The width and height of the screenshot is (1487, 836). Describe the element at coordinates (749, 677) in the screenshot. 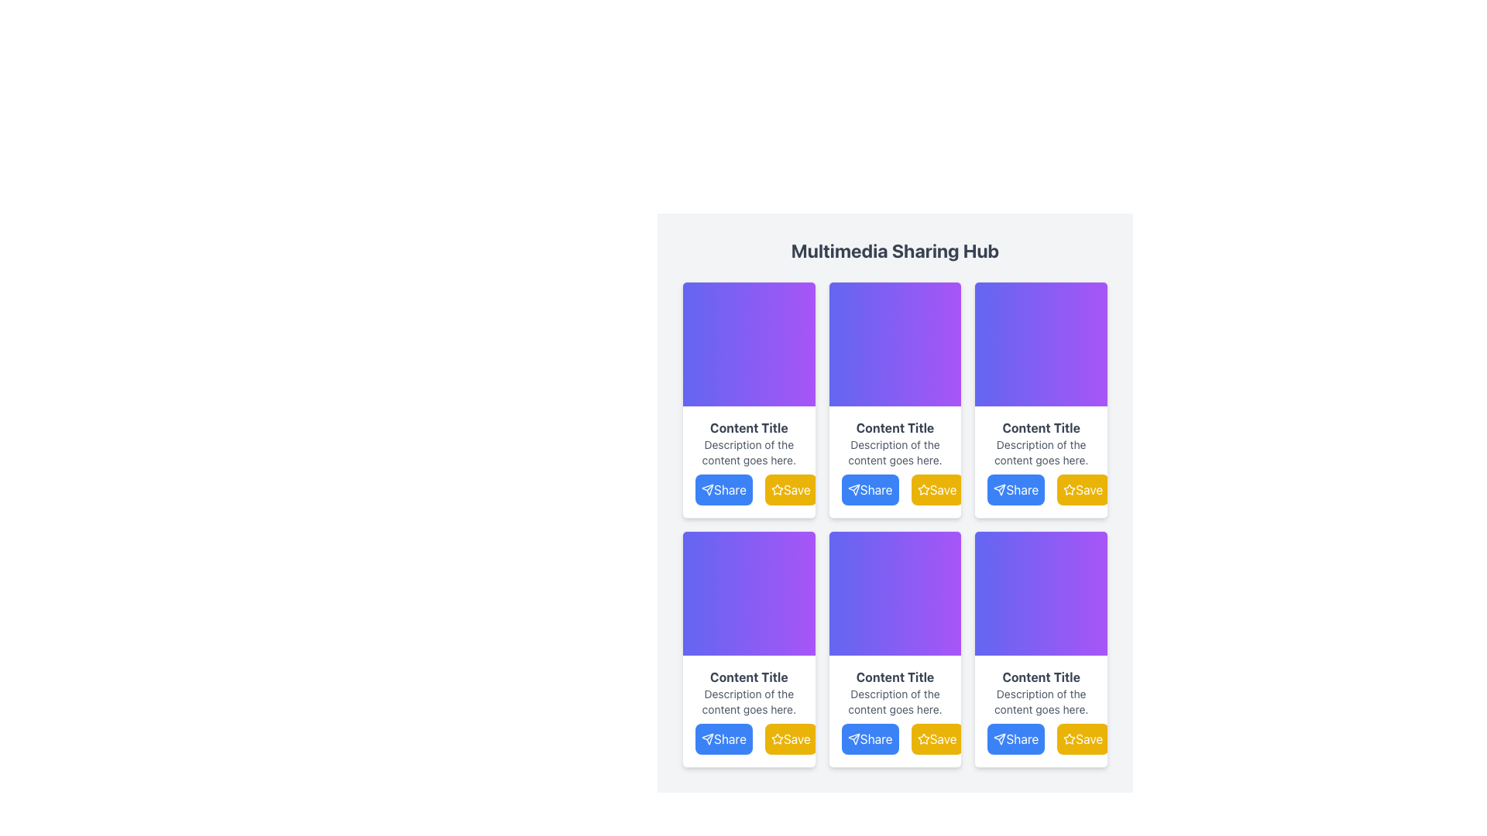

I see `the Text label located in the lower central part of the content card` at that location.